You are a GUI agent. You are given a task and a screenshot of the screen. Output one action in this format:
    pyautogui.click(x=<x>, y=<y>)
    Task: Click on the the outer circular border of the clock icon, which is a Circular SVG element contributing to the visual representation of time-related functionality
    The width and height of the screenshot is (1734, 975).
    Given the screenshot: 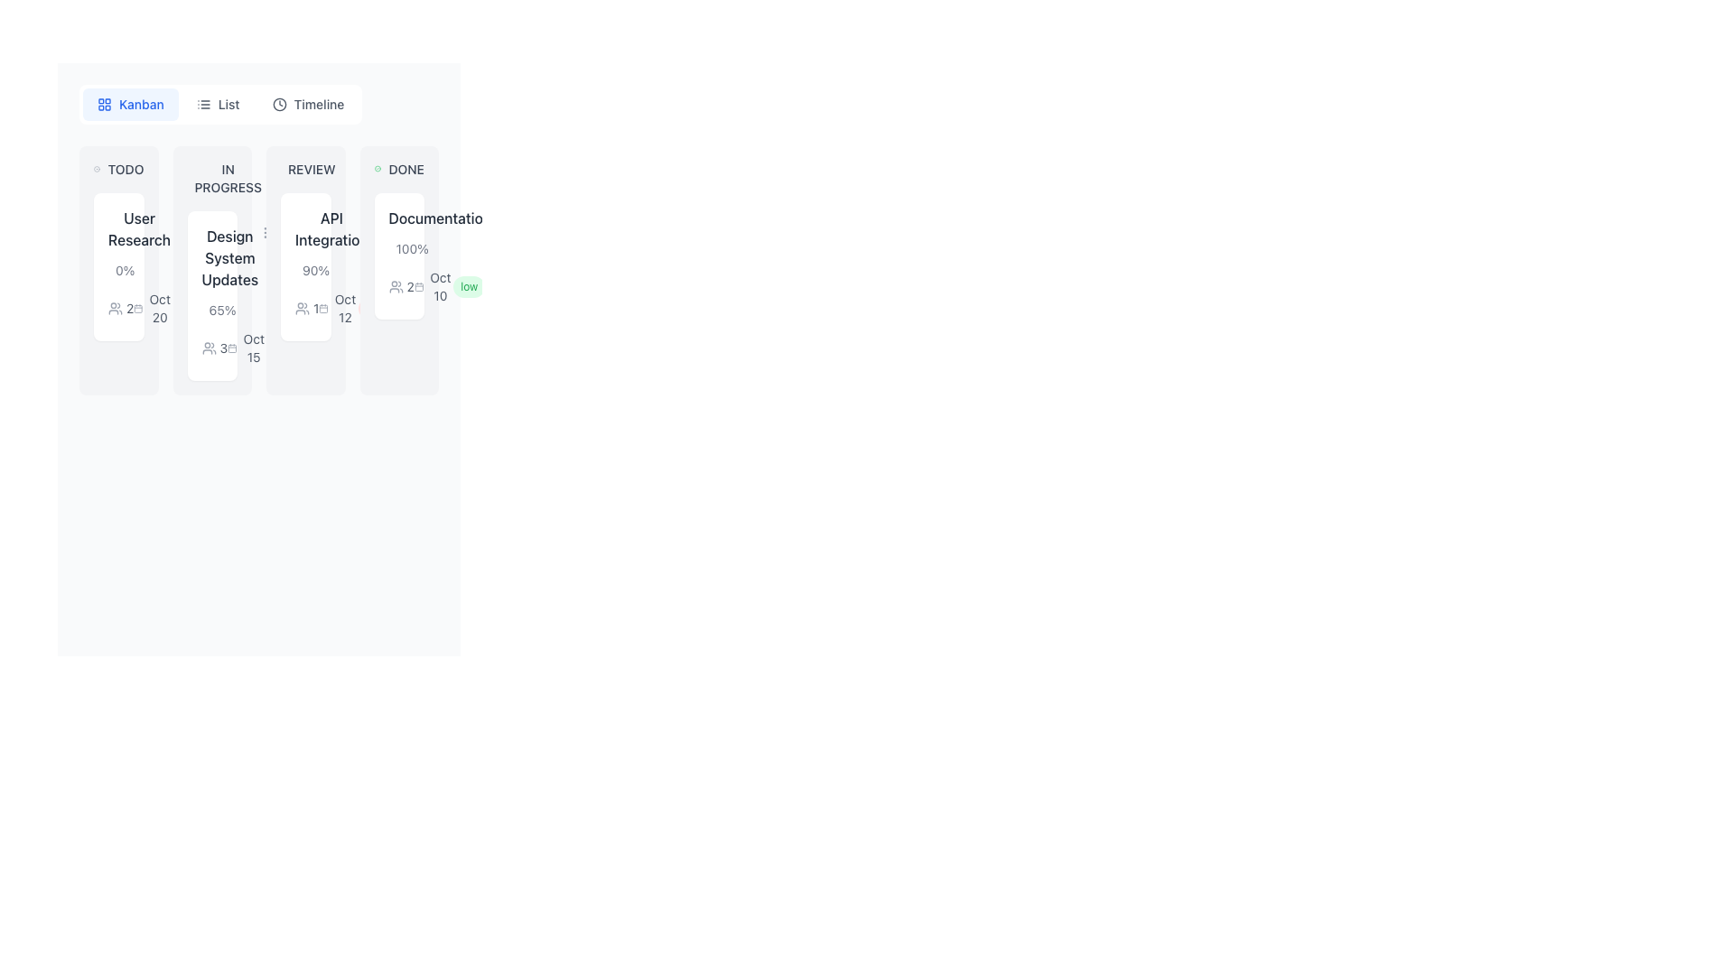 What is the action you would take?
    pyautogui.click(x=278, y=104)
    